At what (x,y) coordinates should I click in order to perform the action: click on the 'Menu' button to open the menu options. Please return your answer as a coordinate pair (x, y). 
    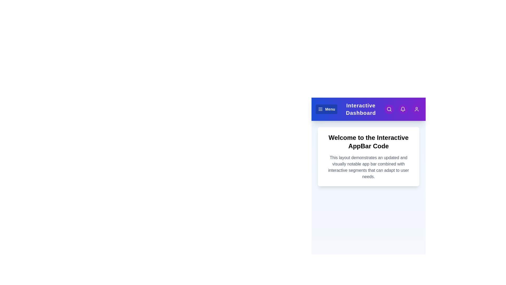
    Looking at the image, I should click on (326, 109).